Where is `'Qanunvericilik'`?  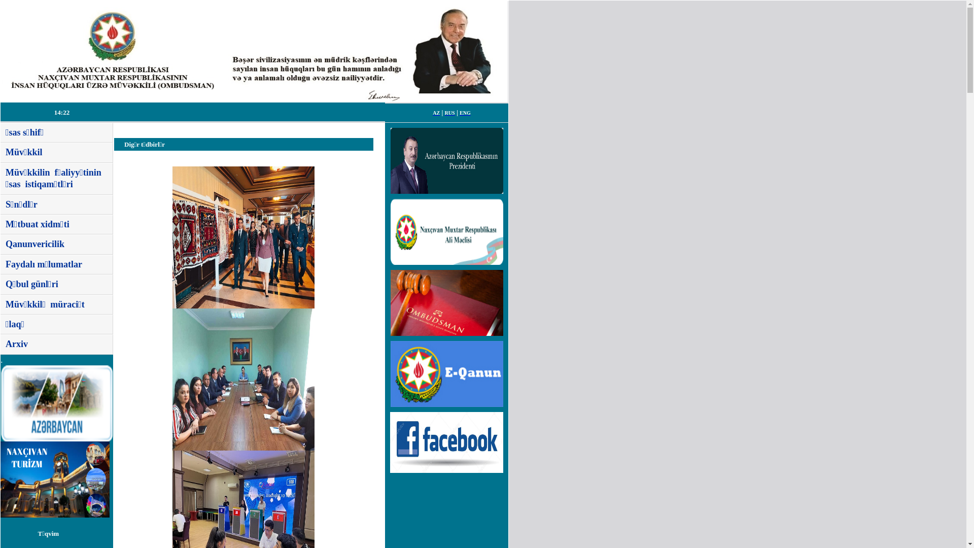
'Qanunvericilik' is located at coordinates (34, 244).